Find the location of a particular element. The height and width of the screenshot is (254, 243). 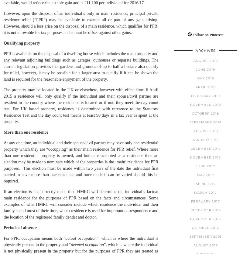

'April 2019' is located at coordinates (205, 86).